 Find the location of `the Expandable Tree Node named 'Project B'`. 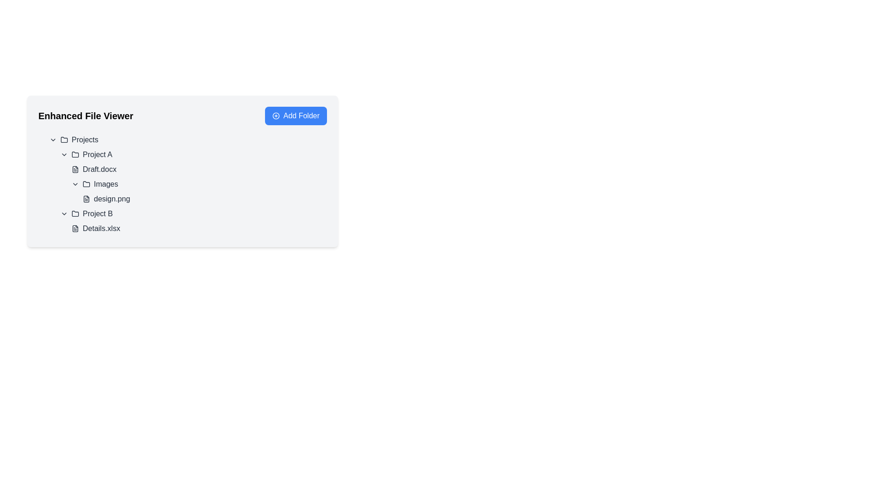

the Expandable Tree Node named 'Project B' is located at coordinates (193, 213).